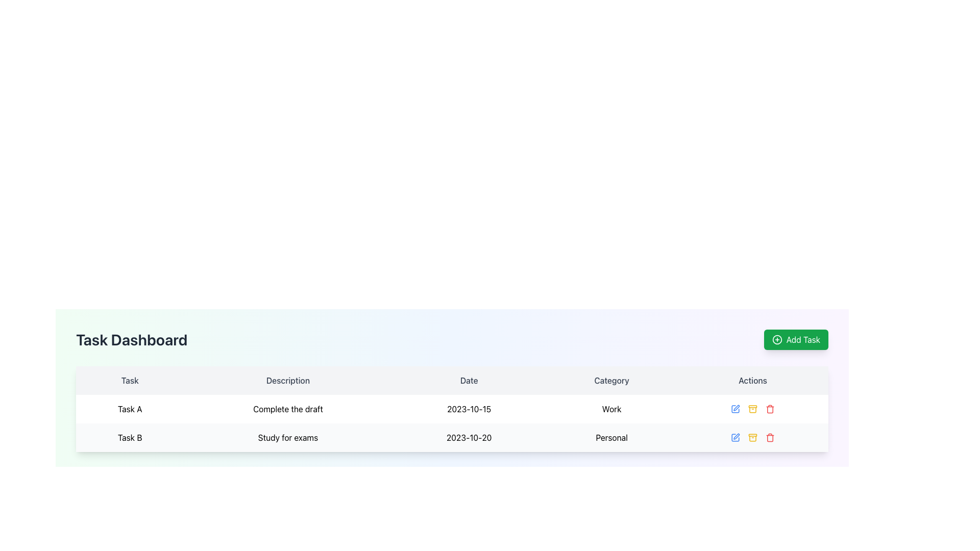 The height and width of the screenshot is (551, 980). Describe the element at coordinates (469, 409) in the screenshot. I see `the date text label '2023-10-15' in the third cell of the 'Date' column within the 'Task Dashboard' interface` at that location.